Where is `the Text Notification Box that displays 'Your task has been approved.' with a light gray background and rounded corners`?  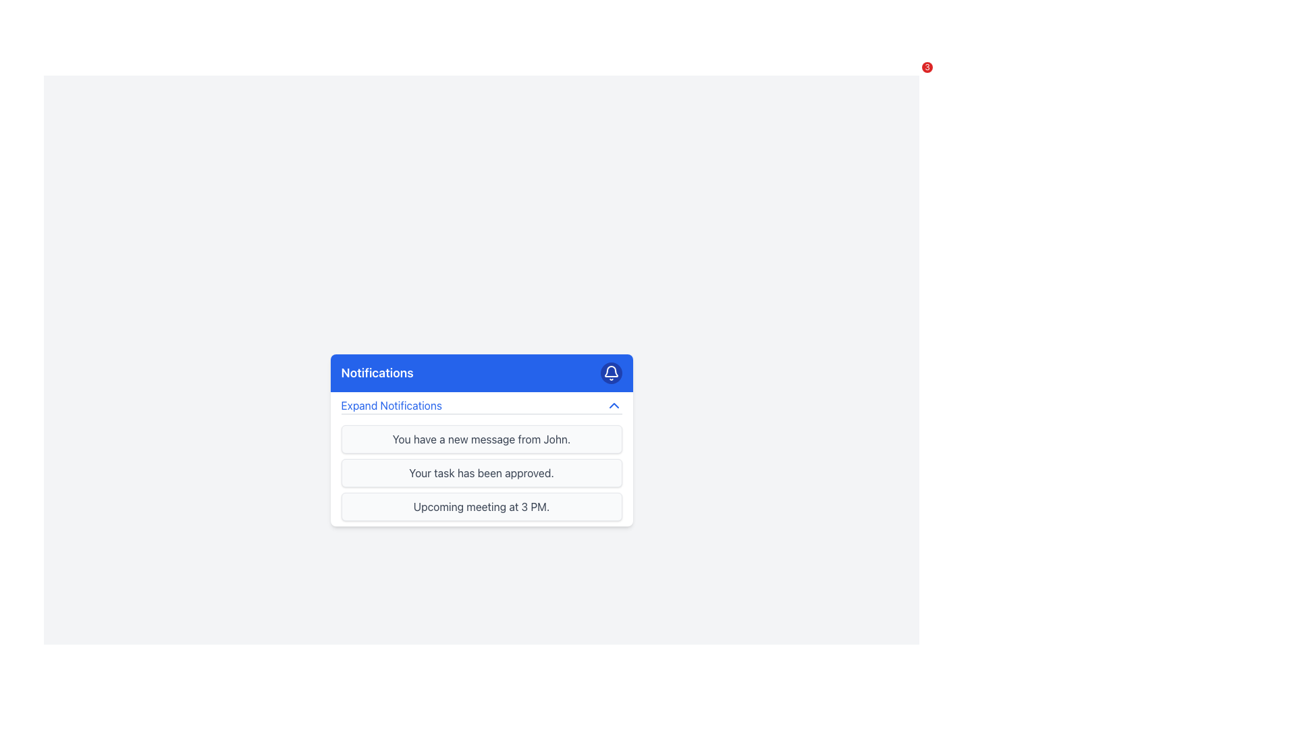 the Text Notification Box that displays 'Your task has been approved.' with a light gray background and rounded corners is located at coordinates (481, 472).